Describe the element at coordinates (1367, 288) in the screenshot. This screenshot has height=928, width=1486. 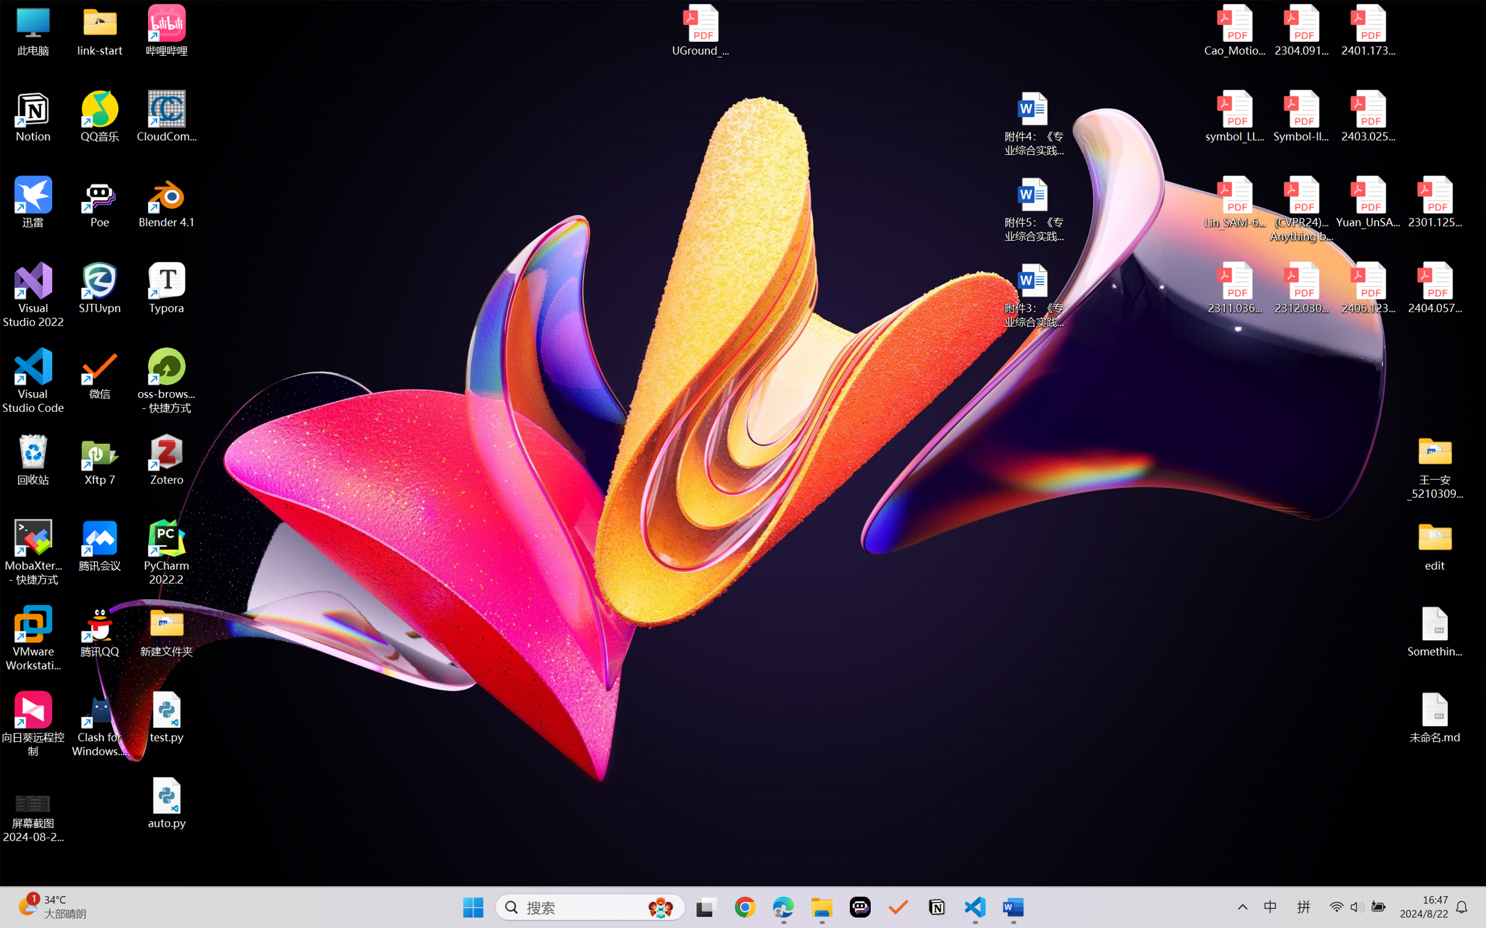
I see `'2406.12373v2.pdf'` at that location.